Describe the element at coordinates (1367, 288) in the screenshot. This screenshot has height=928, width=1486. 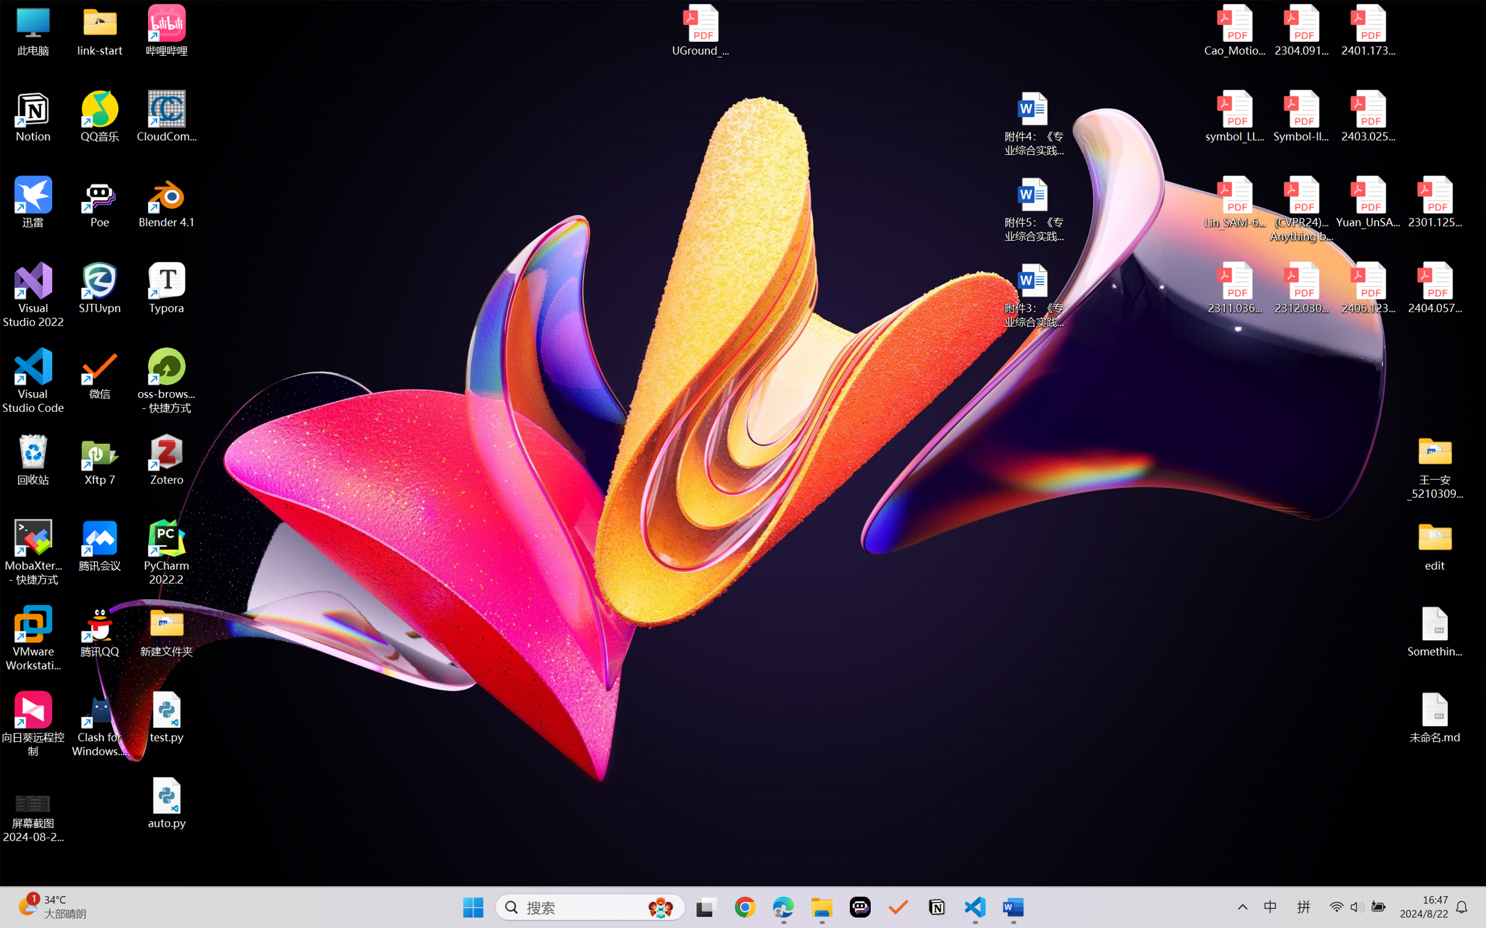
I see `'2406.12373v2.pdf'` at that location.